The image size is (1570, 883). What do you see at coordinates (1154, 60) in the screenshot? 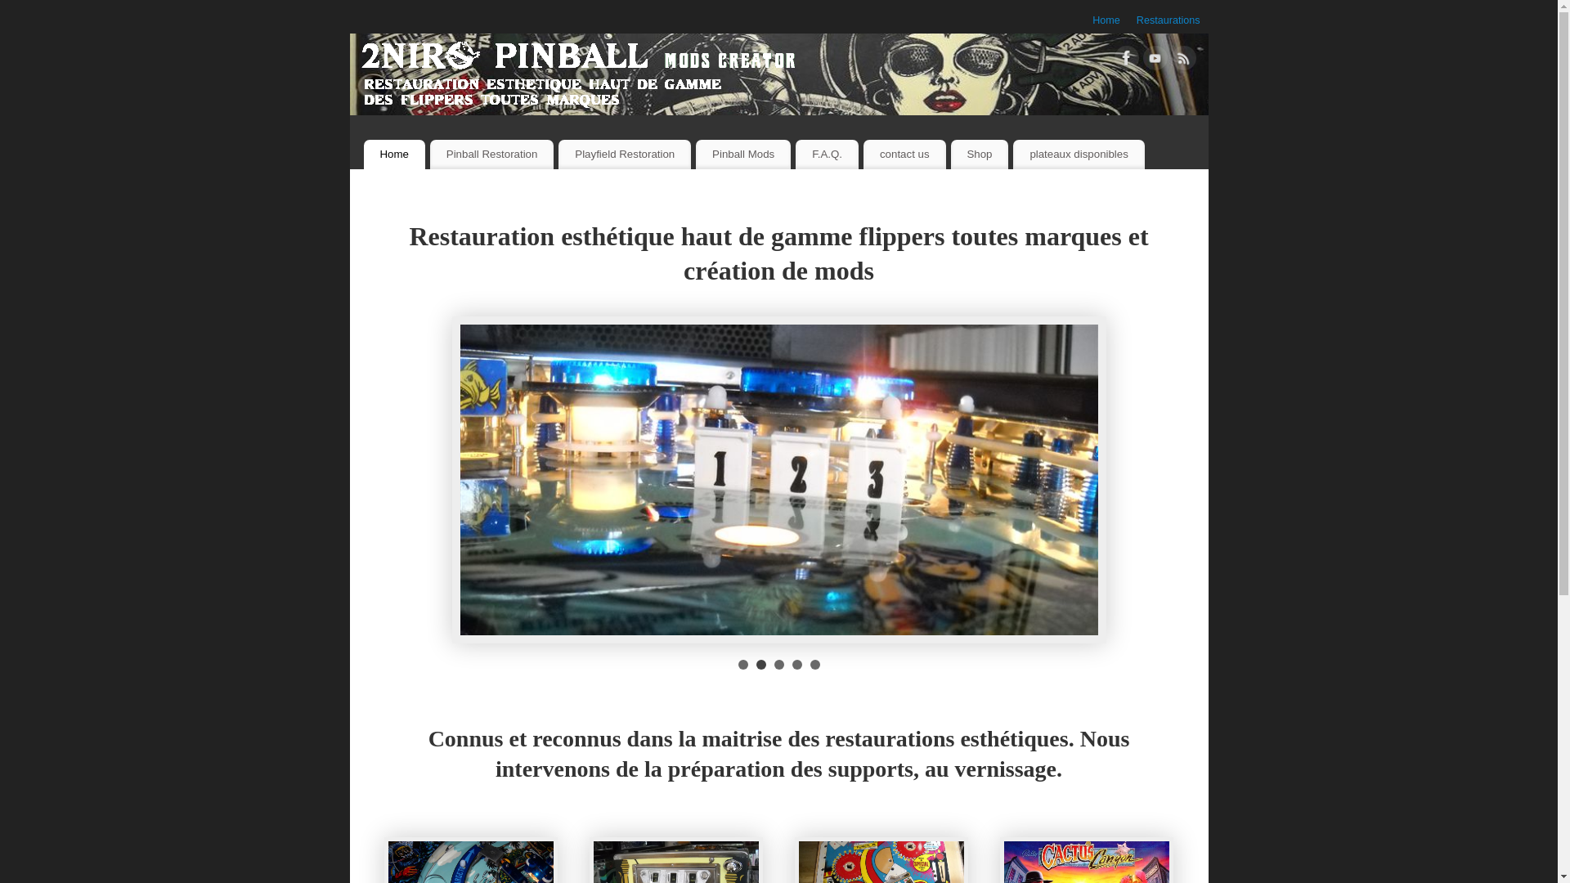
I see `'YouTube'` at bounding box center [1154, 60].